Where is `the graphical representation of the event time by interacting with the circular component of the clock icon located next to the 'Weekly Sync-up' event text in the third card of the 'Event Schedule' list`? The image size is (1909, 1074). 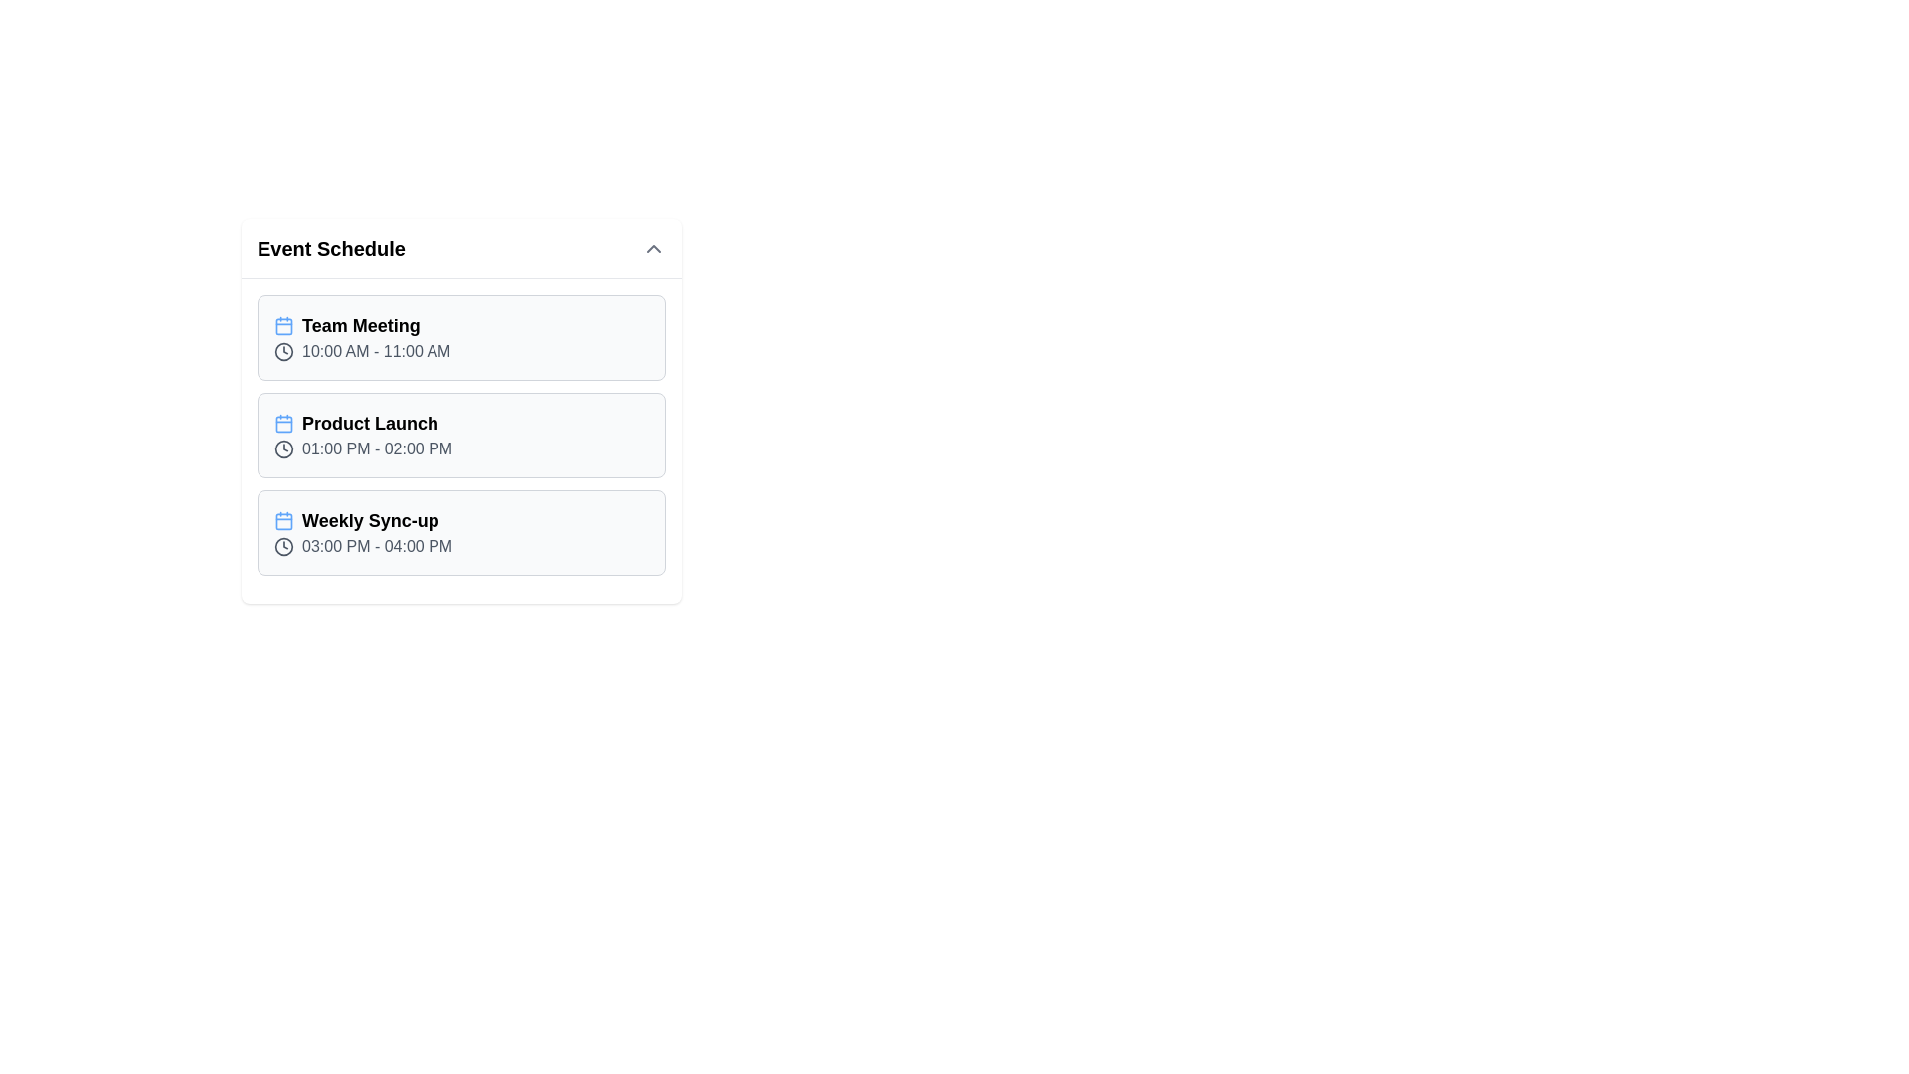
the graphical representation of the event time by interacting with the circular component of the clock icon located next to the 'Weekly Sync-up' event text in the third card of the 'Event Schedule' list is located at coordinates (283, 547).